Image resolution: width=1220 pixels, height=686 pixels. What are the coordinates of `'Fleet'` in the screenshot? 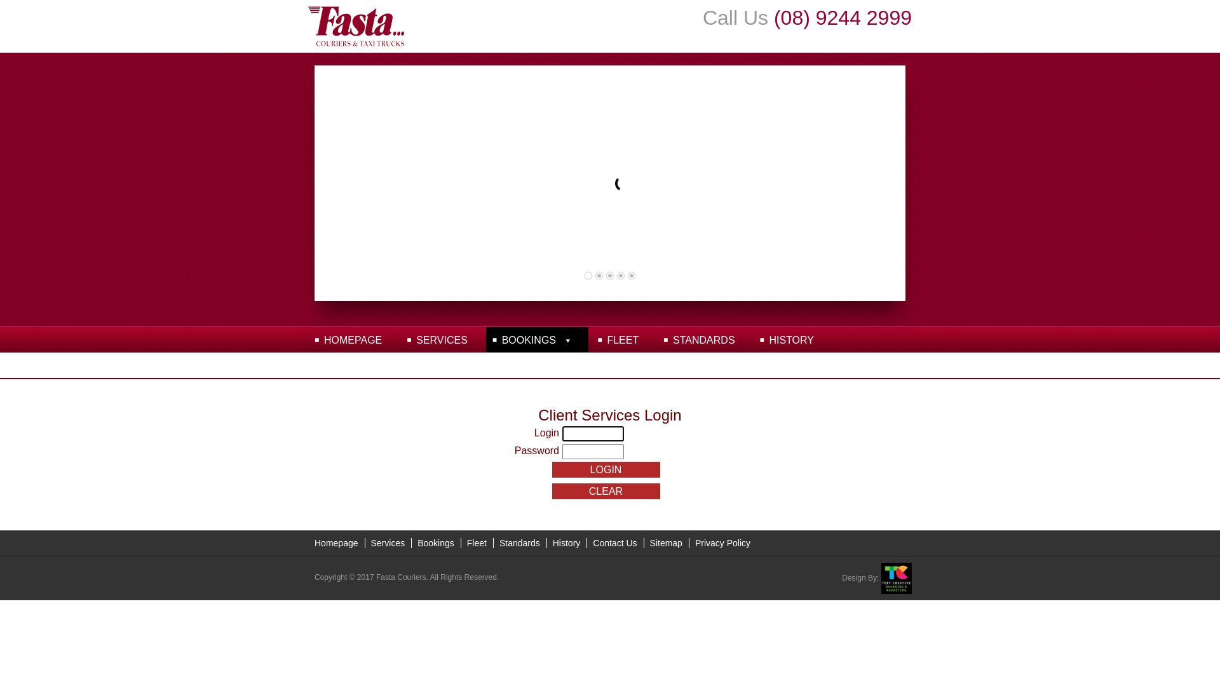 It's located at (476, 543).